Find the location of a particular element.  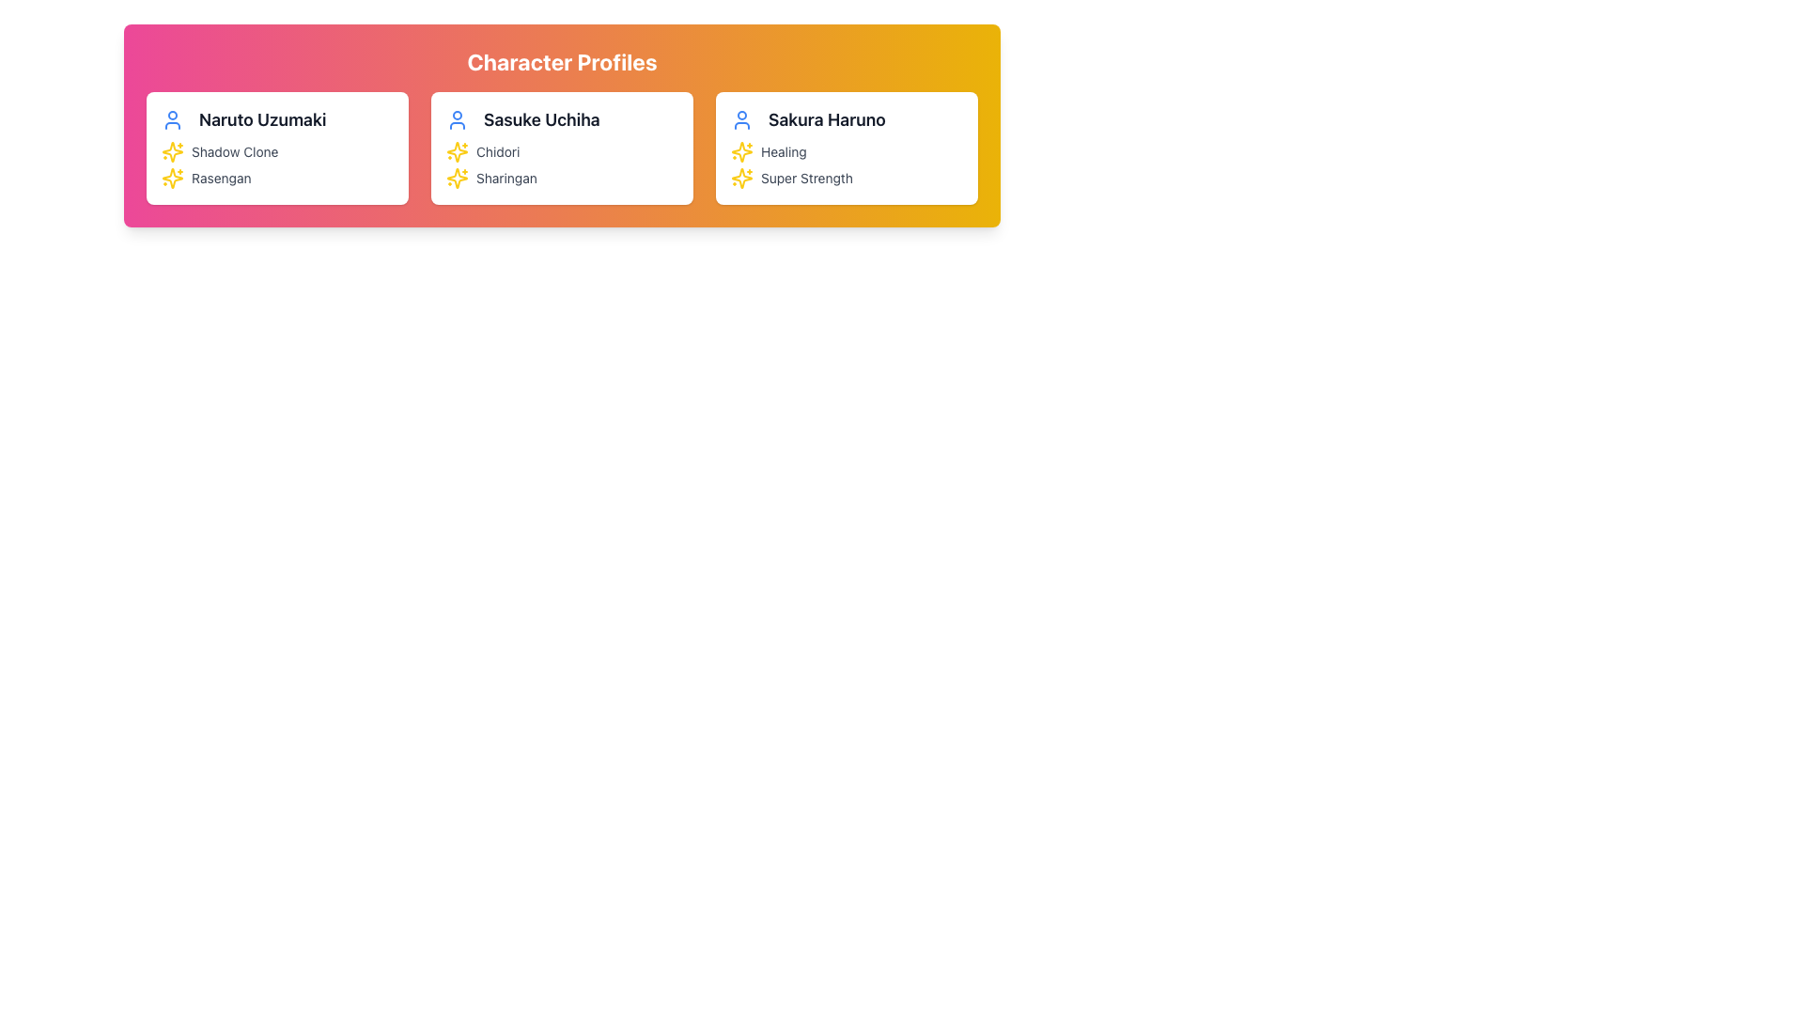

the icon that visually represents significance, located to the left of the 'Chidori' text within the 'Sasuke Uchiha' card is located at coordinates (457, 151).